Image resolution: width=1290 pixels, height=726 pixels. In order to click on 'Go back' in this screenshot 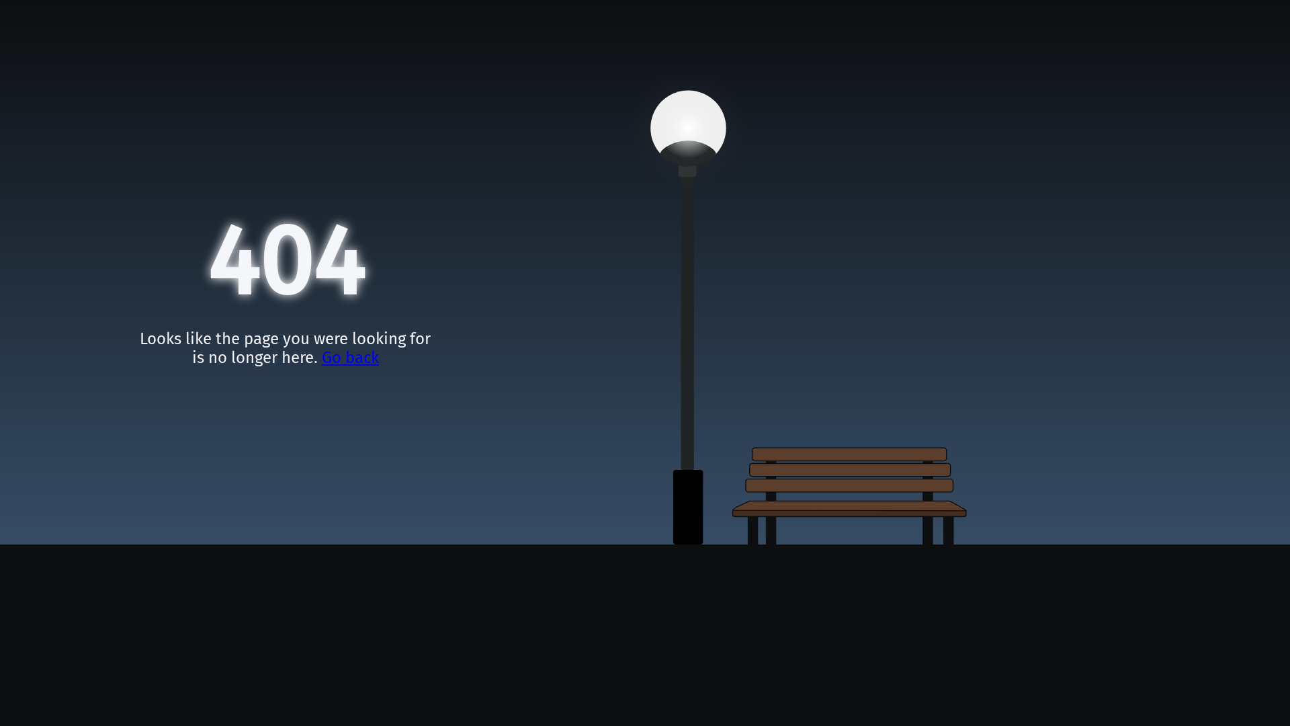, I will do `click(350, 357)`.